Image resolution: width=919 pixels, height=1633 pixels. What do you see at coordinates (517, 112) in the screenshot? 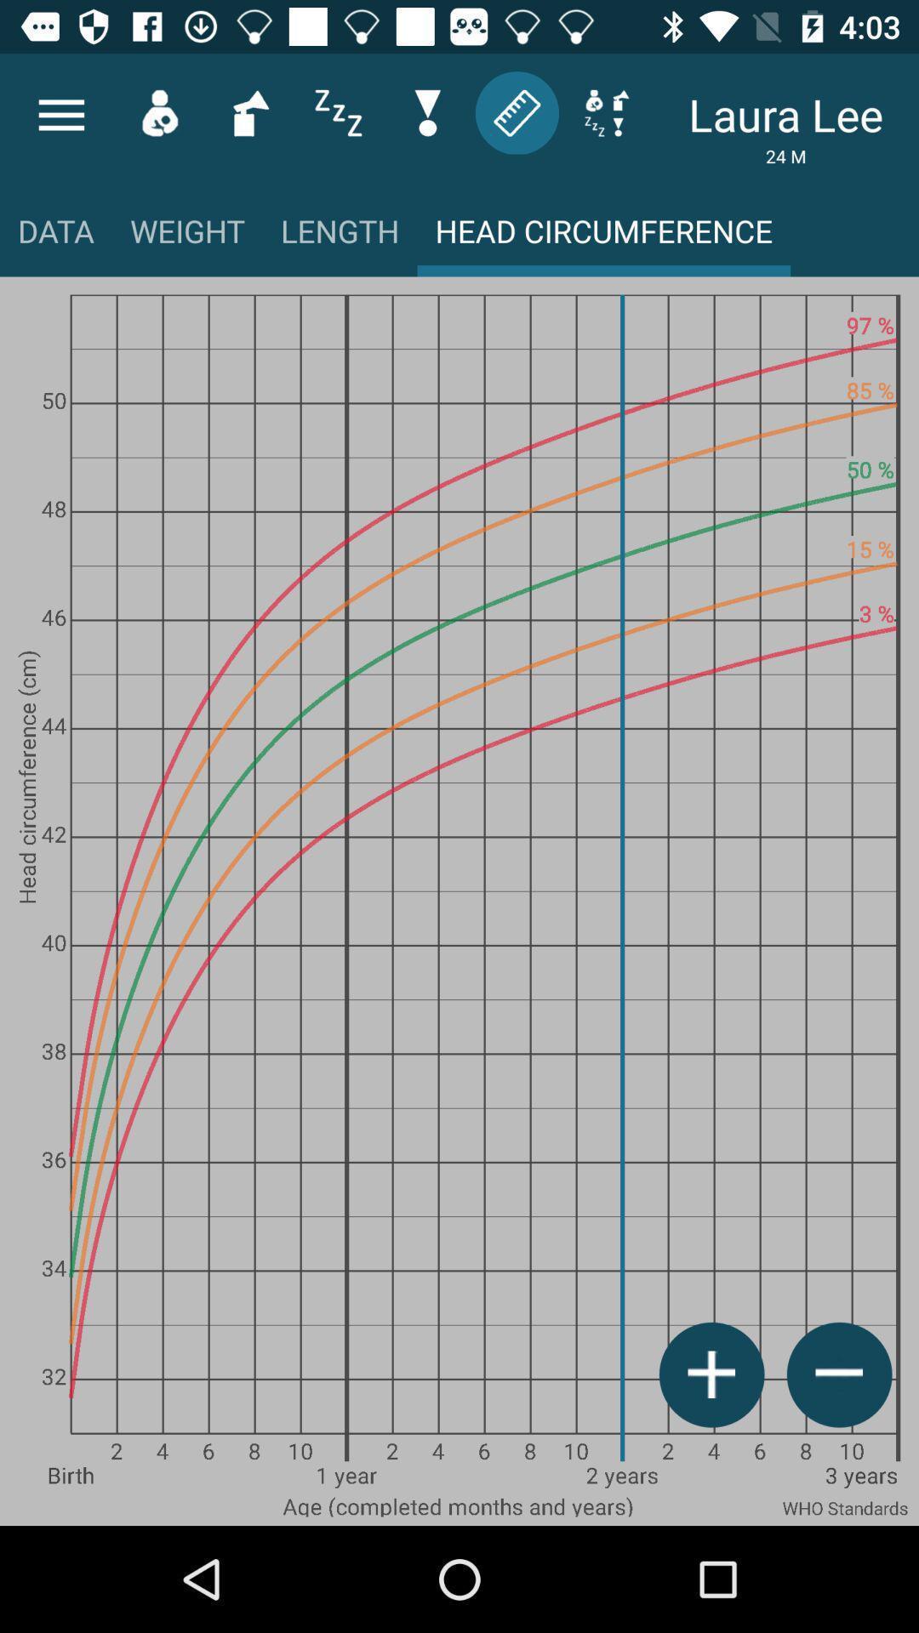
I see `6 th icon form menu button` at bounding box center [517, 112].